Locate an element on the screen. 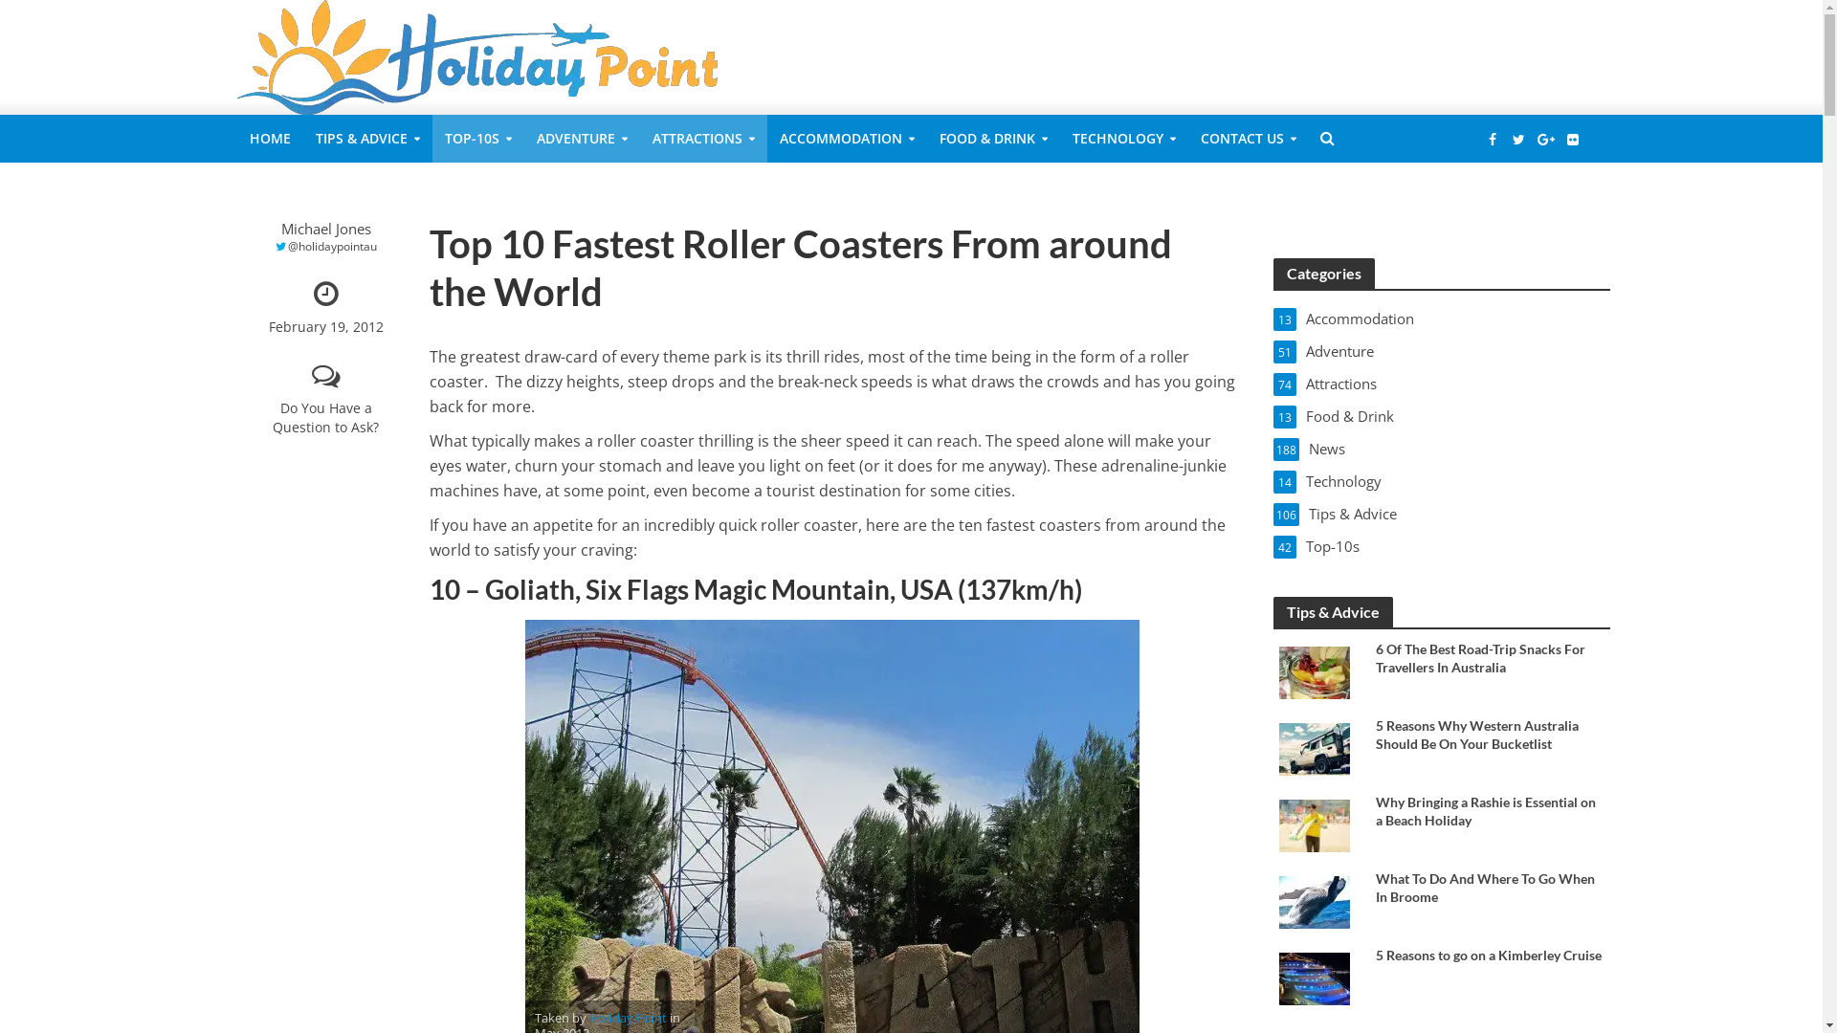  'ATTRACTIONS' is located at coordinates (638, 138).